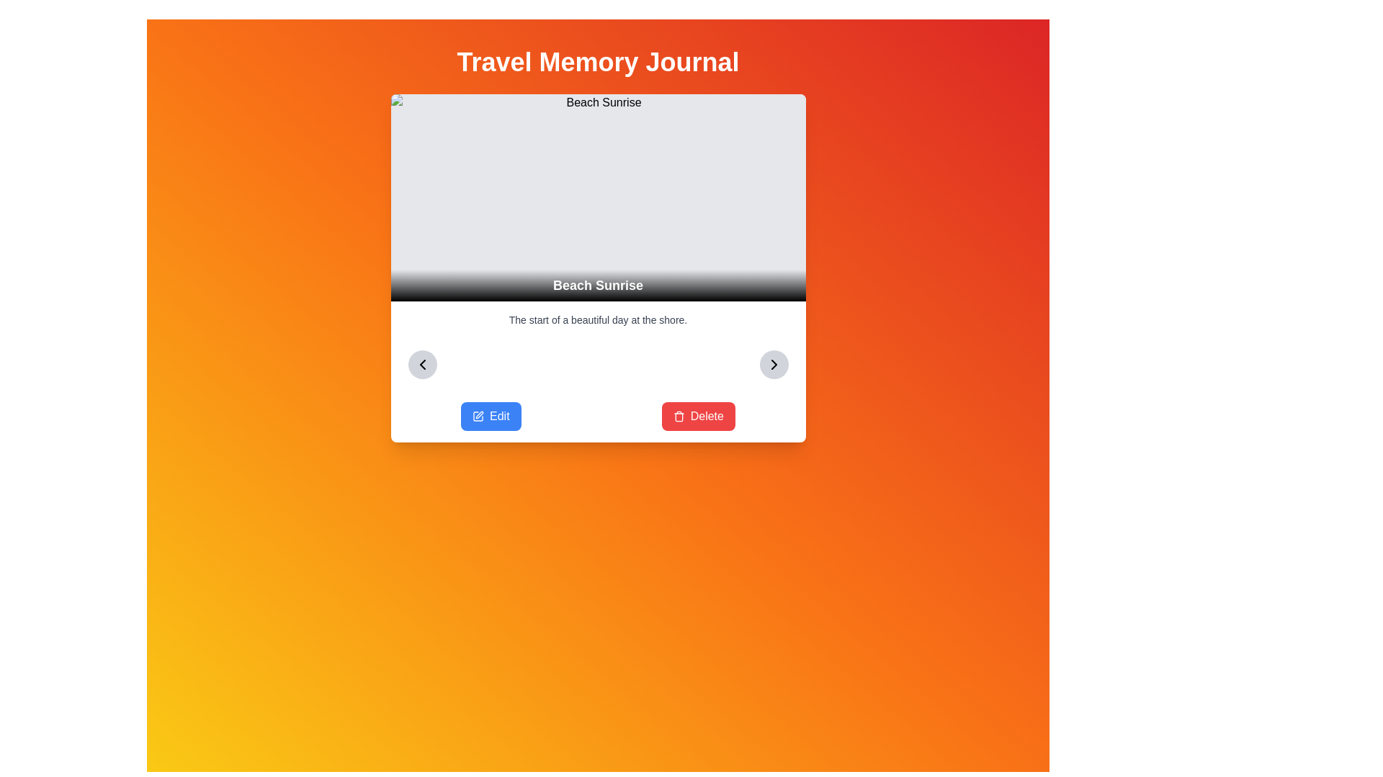 The height and width of the screenshot is (777, 1383). Describe the element at coordinates (678, 416) in the screenshot. I see `the trashcan icon associated with the 'Delete' button located in the bottom-right section of the card interface` at that location.